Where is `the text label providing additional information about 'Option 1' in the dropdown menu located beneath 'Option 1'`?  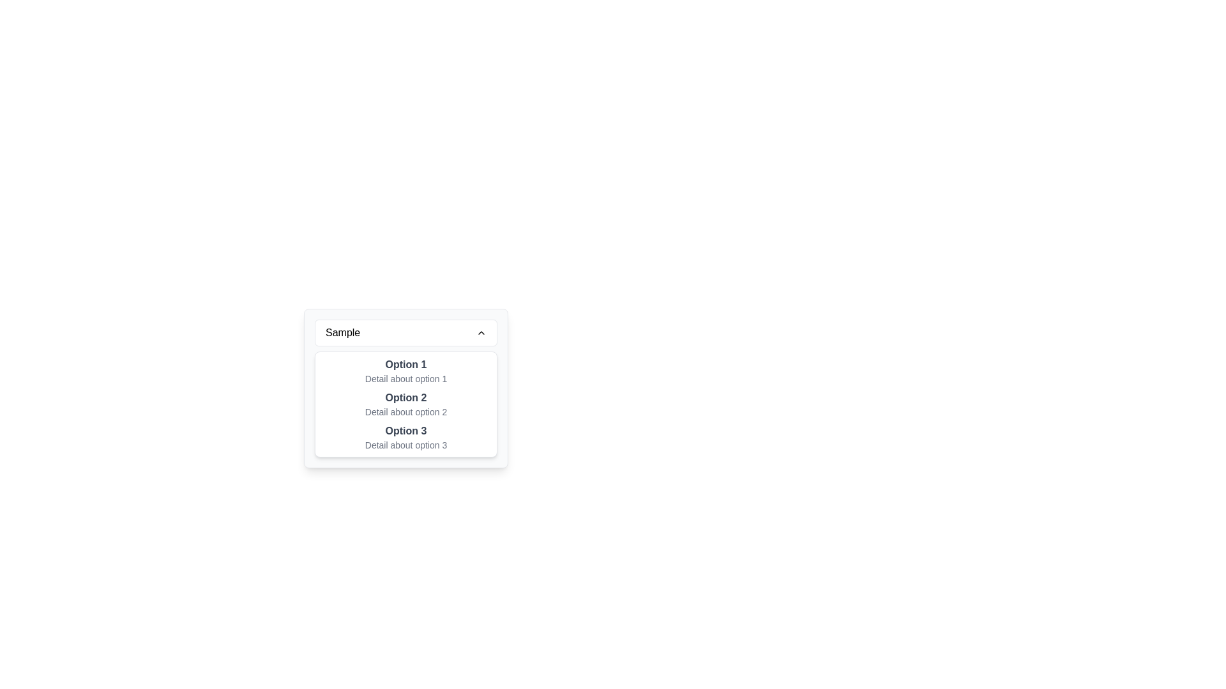
the text label providing additional information about 'Option 1' in the dropdown menu located beneath 'Option 1' is located at coordinates (405, 378).